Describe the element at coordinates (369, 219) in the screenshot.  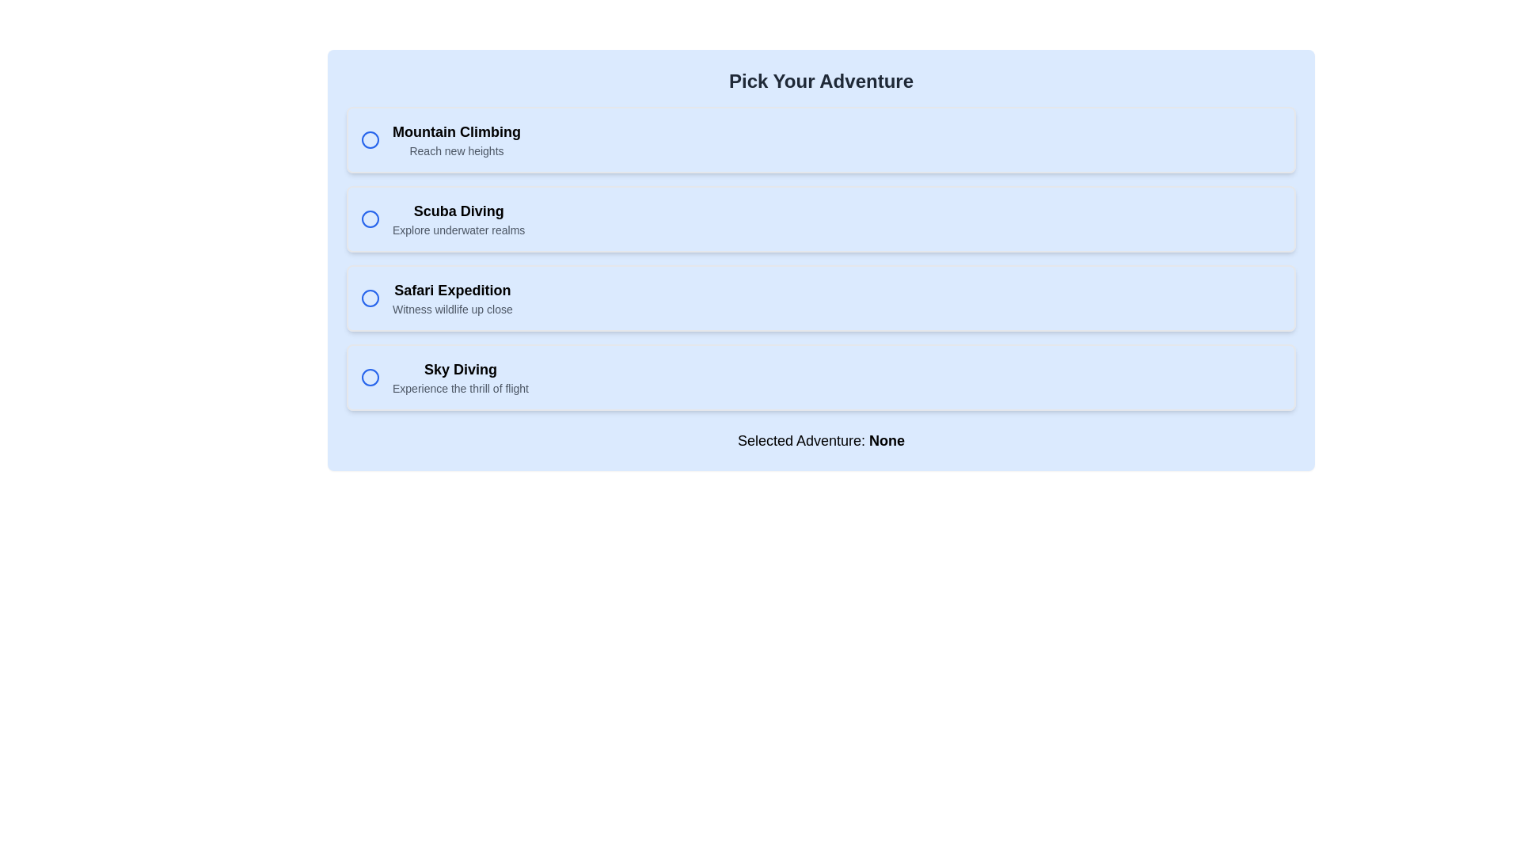
I see `the circular radio button with a blue border and white fill next to the label 'Scuba Diving'` at that location.